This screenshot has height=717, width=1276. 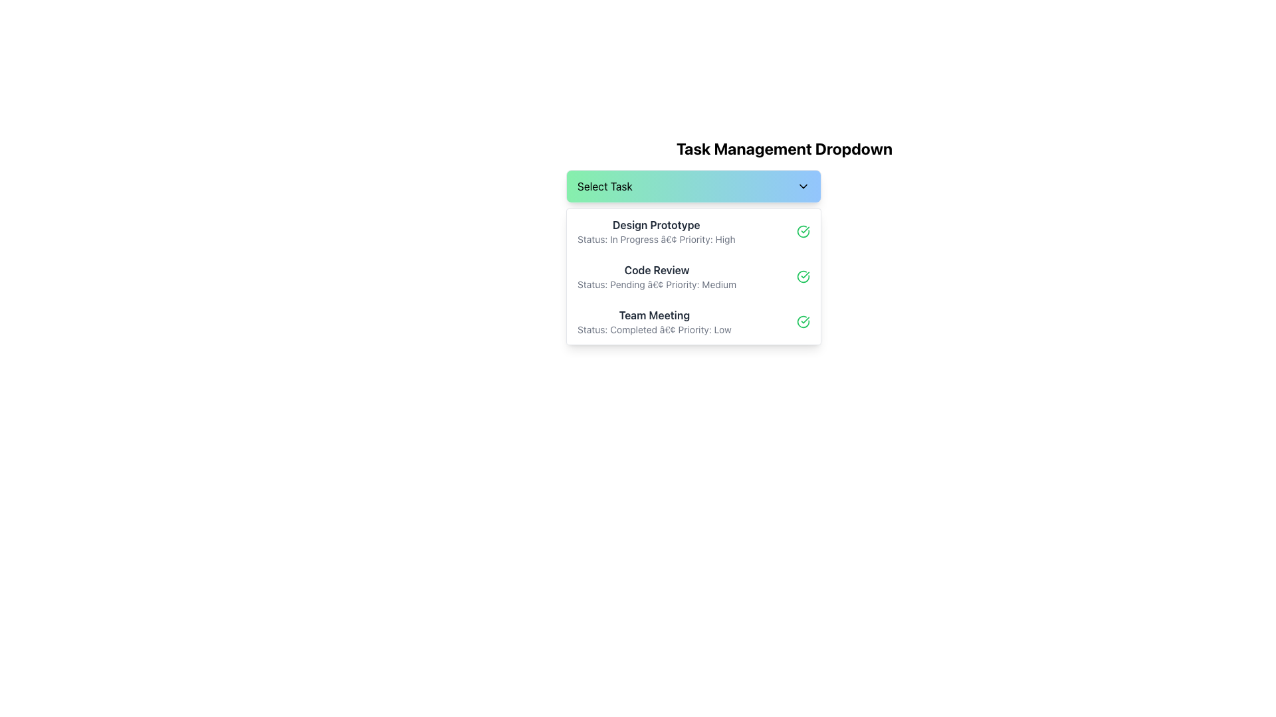 What do you see at coordinates (657, 270) in the screenshot?
I see `the 'Code Review' text label, which is the second item in the 'Task Management Dropdown'` at bounding box center [657, 270].